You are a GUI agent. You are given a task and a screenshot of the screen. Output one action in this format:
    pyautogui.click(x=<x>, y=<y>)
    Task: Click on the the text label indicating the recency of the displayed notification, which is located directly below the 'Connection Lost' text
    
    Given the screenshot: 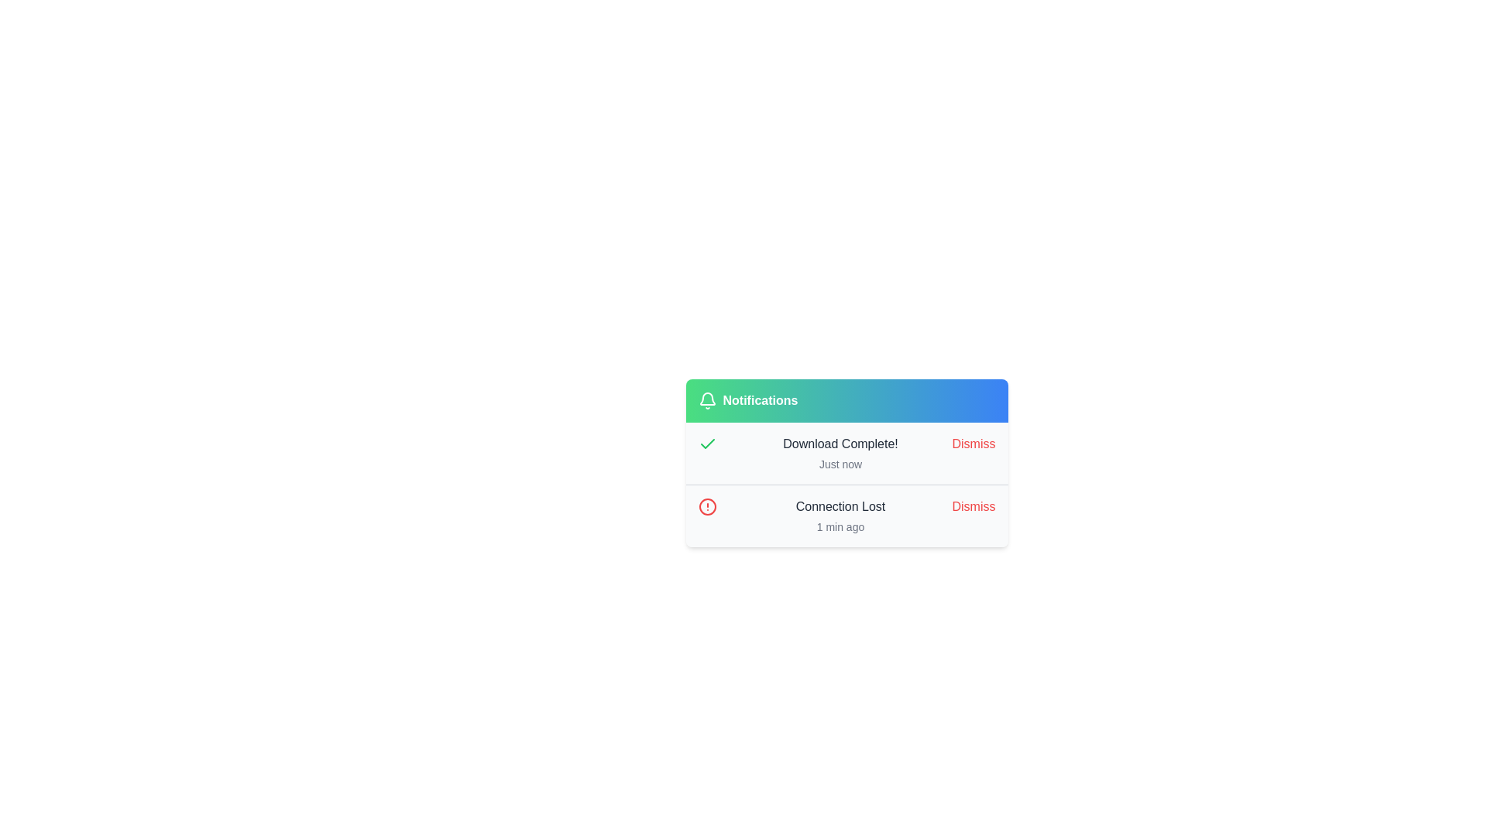 What is the action you would take?
    pyautogui.click(x=840, y=526)
    